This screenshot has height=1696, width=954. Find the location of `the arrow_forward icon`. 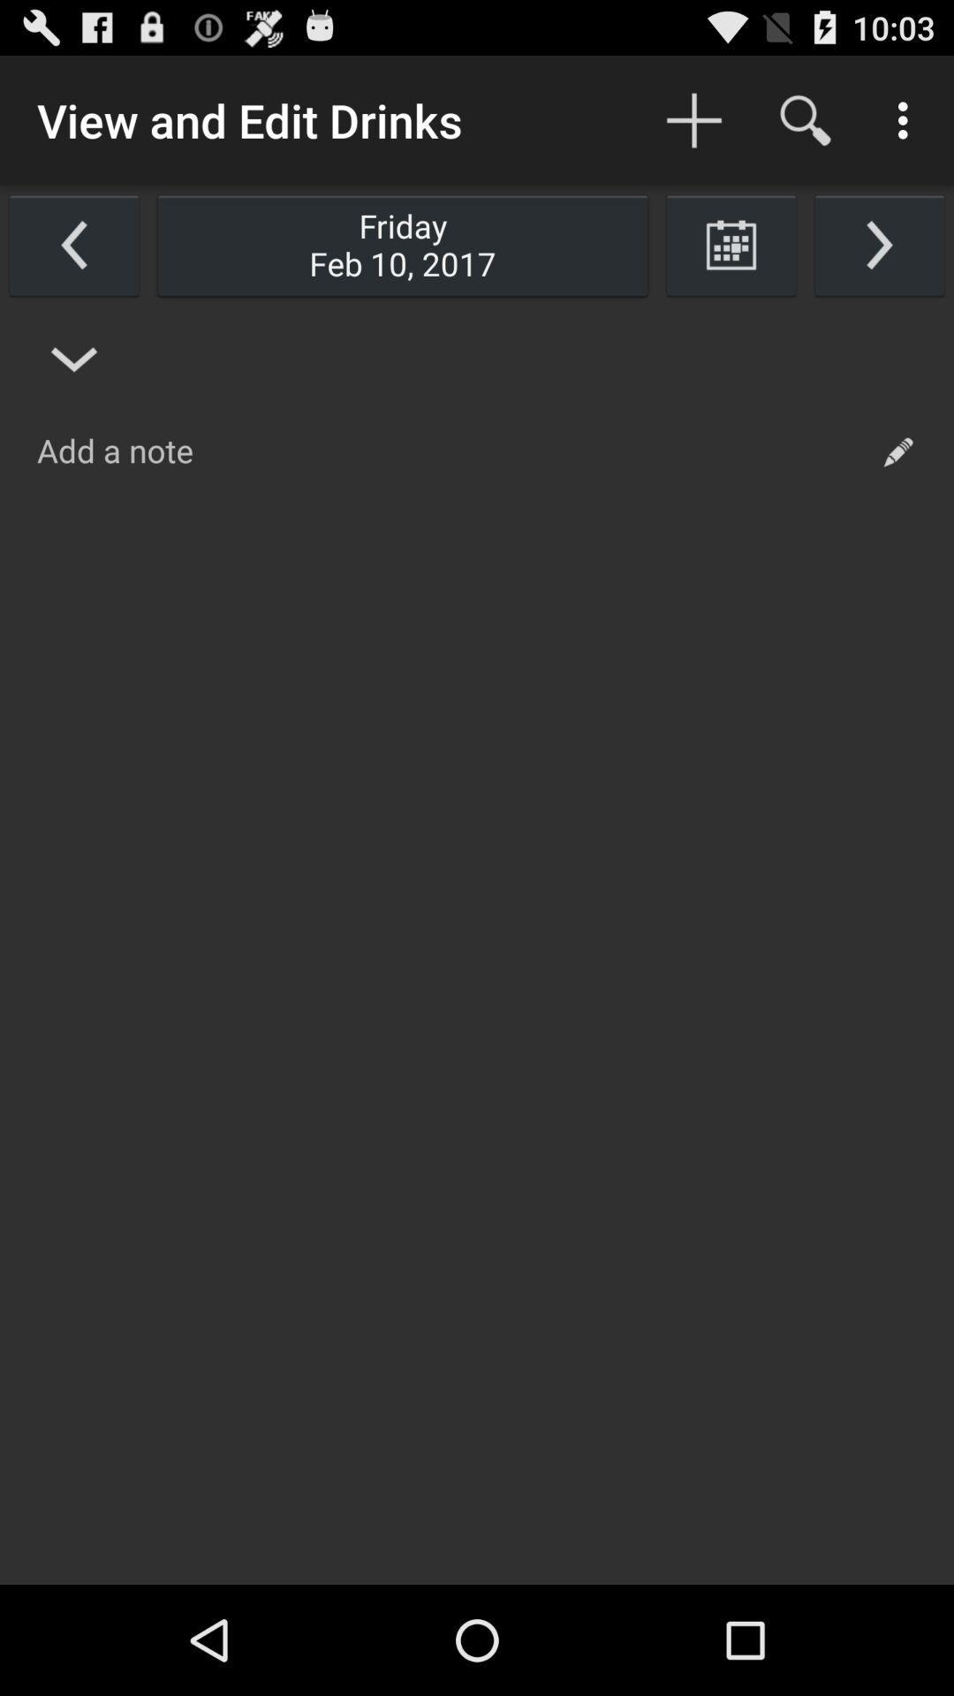

the arrow_forward icon is located at coordinates (879, 261).